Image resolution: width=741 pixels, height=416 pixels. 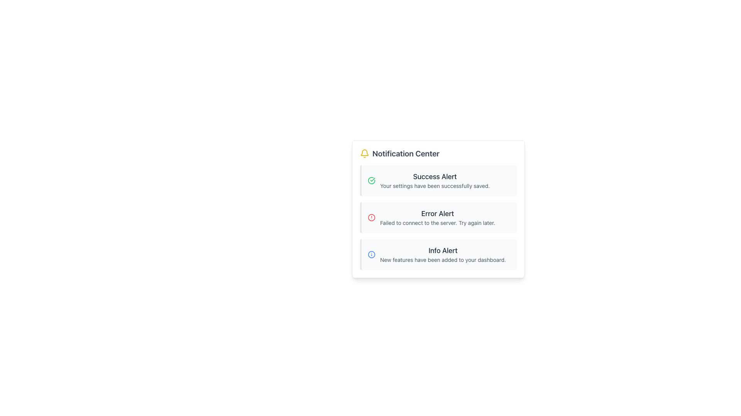 What do you see at coordinates (443, 260) in the screenshot?
I see `the non-interactive text element located beneath the 'Info Alert' heading in the card layout, which conveys additional details about the notification` at bounding box center [443, 260].